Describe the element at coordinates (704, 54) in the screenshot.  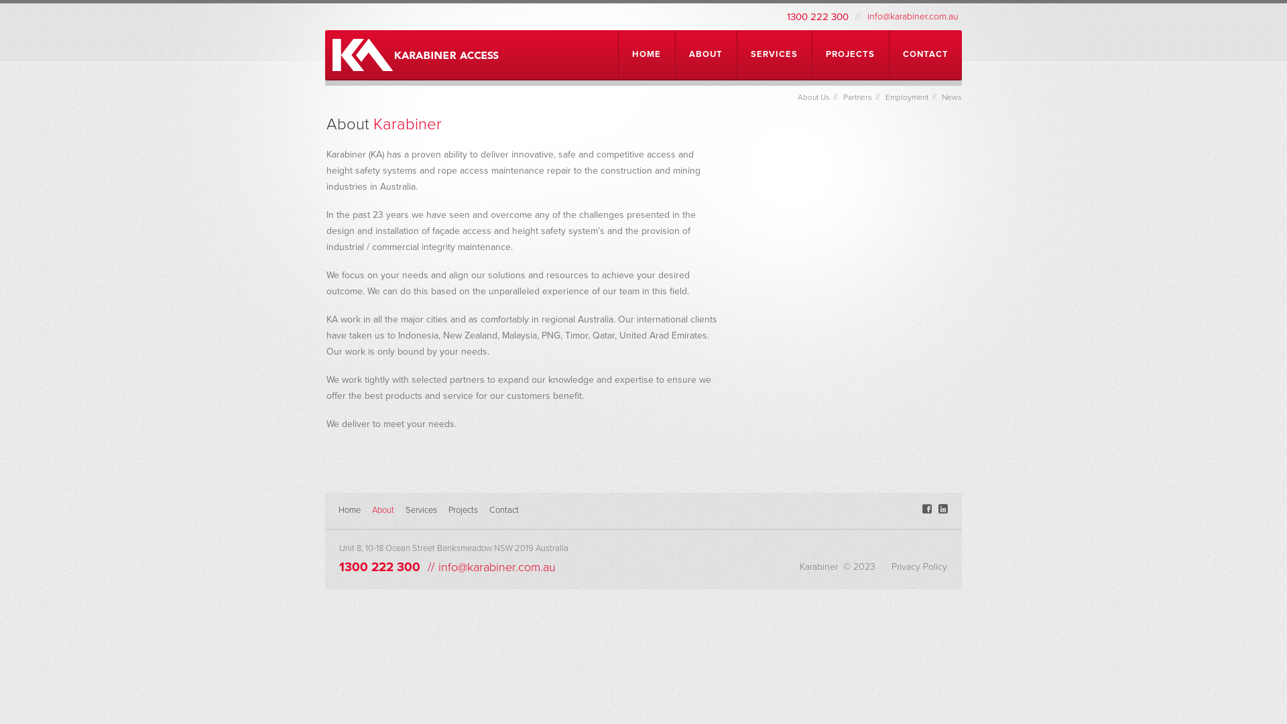
I see `'ABOUT'` at that location.